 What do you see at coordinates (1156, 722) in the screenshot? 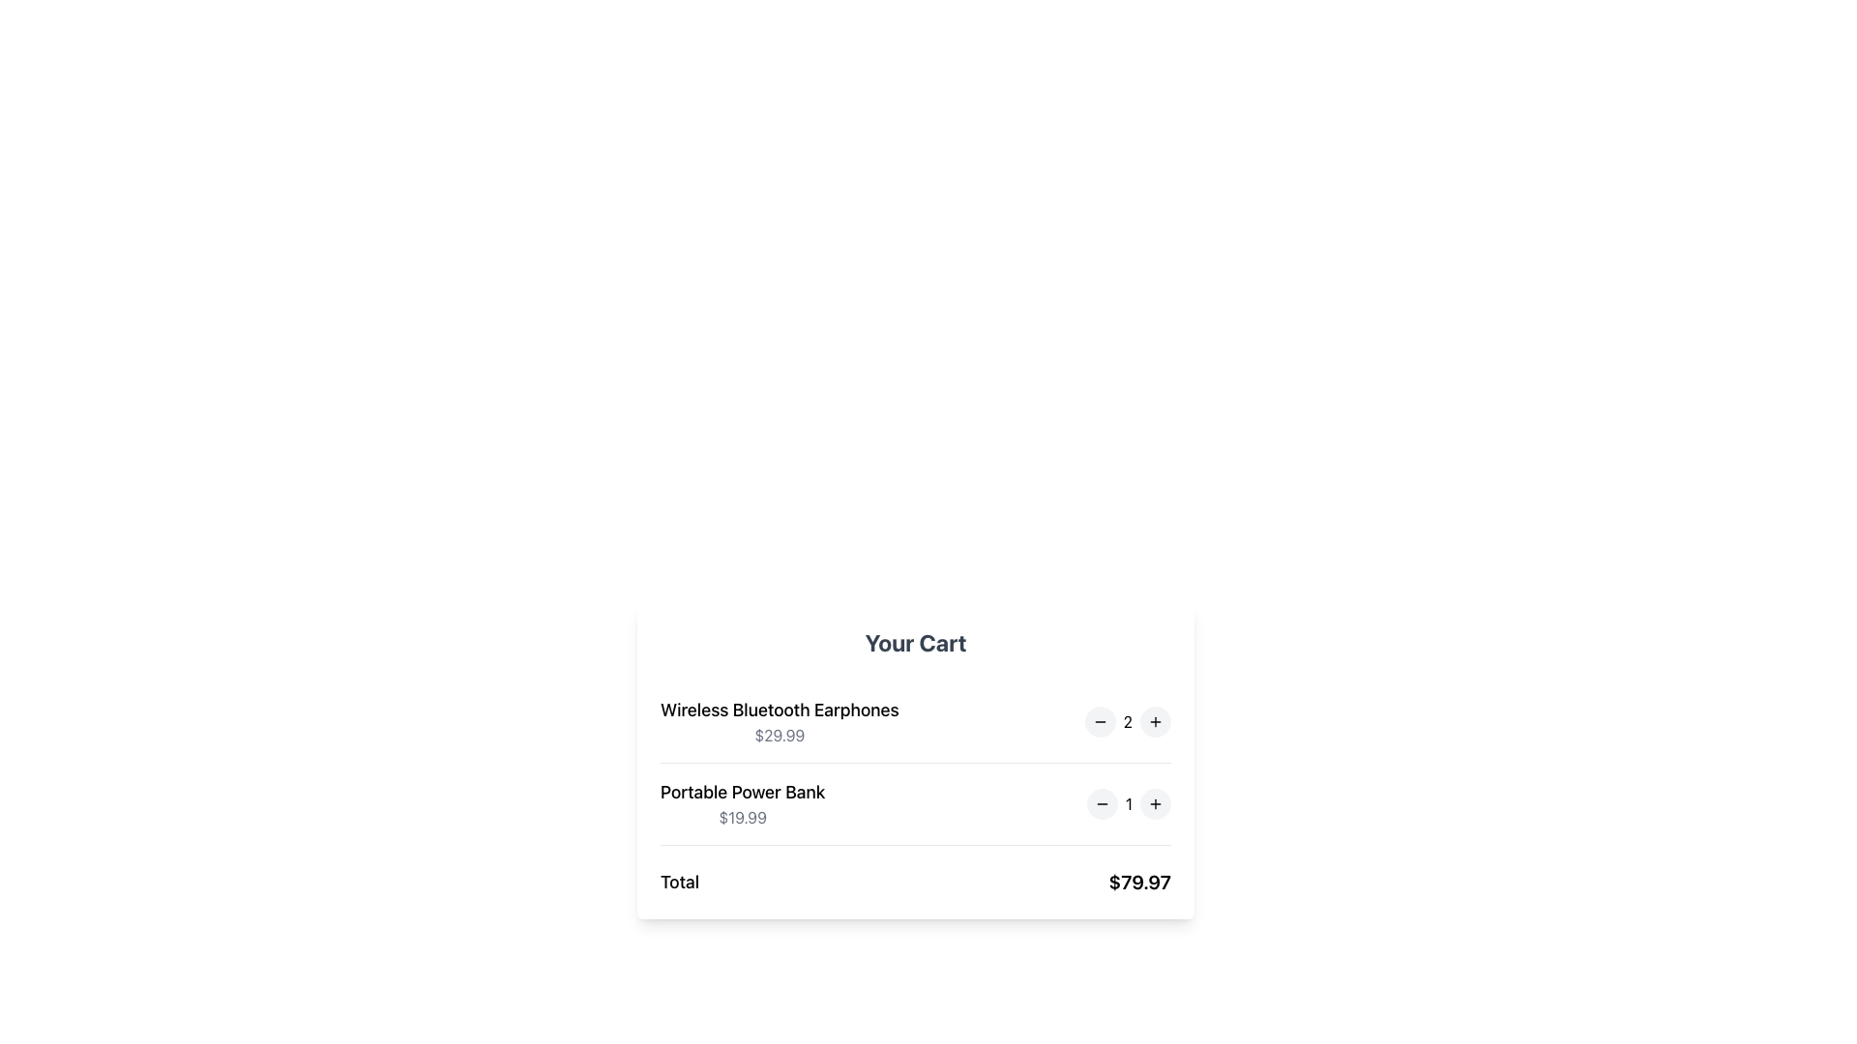
I see `the plus icon button with a grayish border located on the right side of the first row in the cart section, adjacent to the quantity field for the item 'Wireless Bluetooth Earphones' to increase the quantity of the item` at bounding box center [1156, 722].